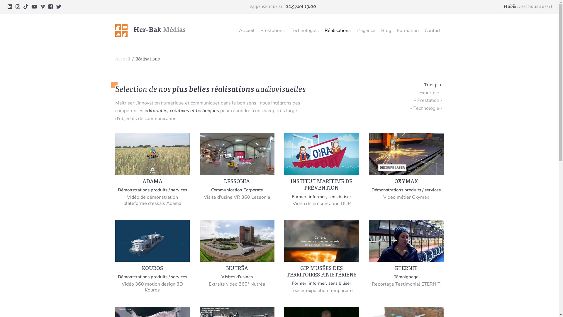 The height and width of the screenshot is (317, 563). Describe the element at coordinates (42, 6) in the screenshot. I see `'Retrouvez nous sur Vimeo'` at that location.